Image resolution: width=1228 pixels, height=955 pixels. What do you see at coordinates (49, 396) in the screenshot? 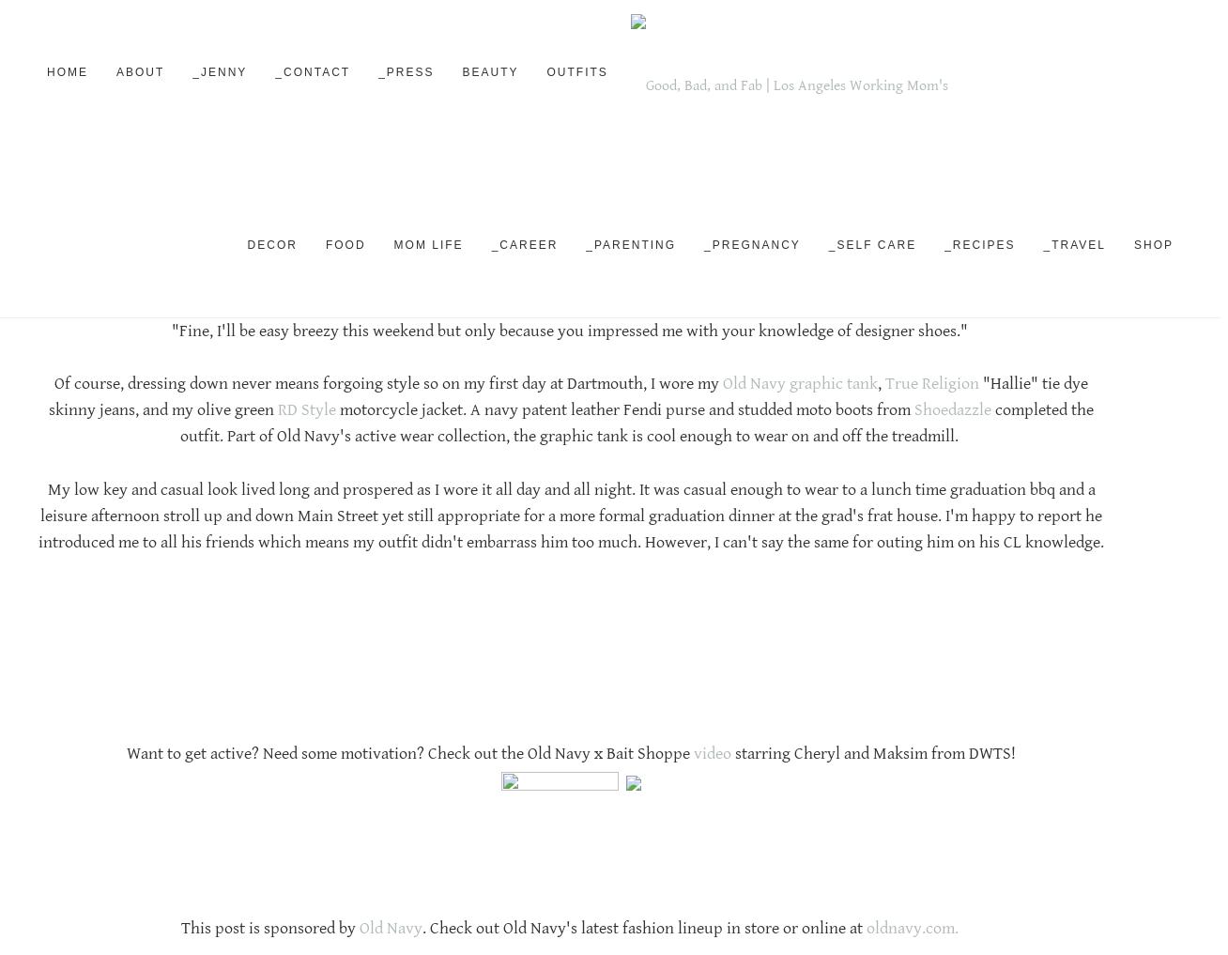
I see `'"Hallie" tie dye skinny jeans, and my olive green'` at bounding box center [49, 396].